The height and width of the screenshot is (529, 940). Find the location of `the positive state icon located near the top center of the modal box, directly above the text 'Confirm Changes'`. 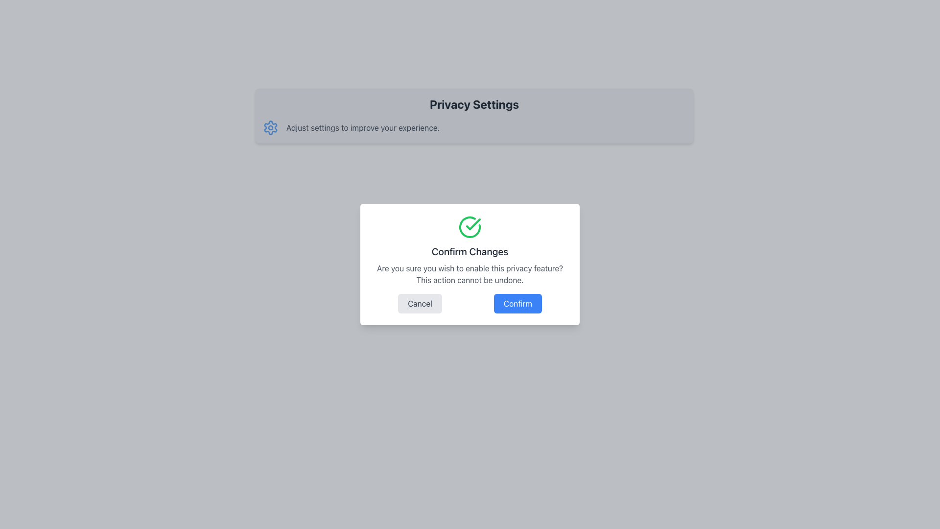

the positive state icon located near the top center of the modal box, directly above the text 'Confirm Changes' is located at coordinates (470, 227).